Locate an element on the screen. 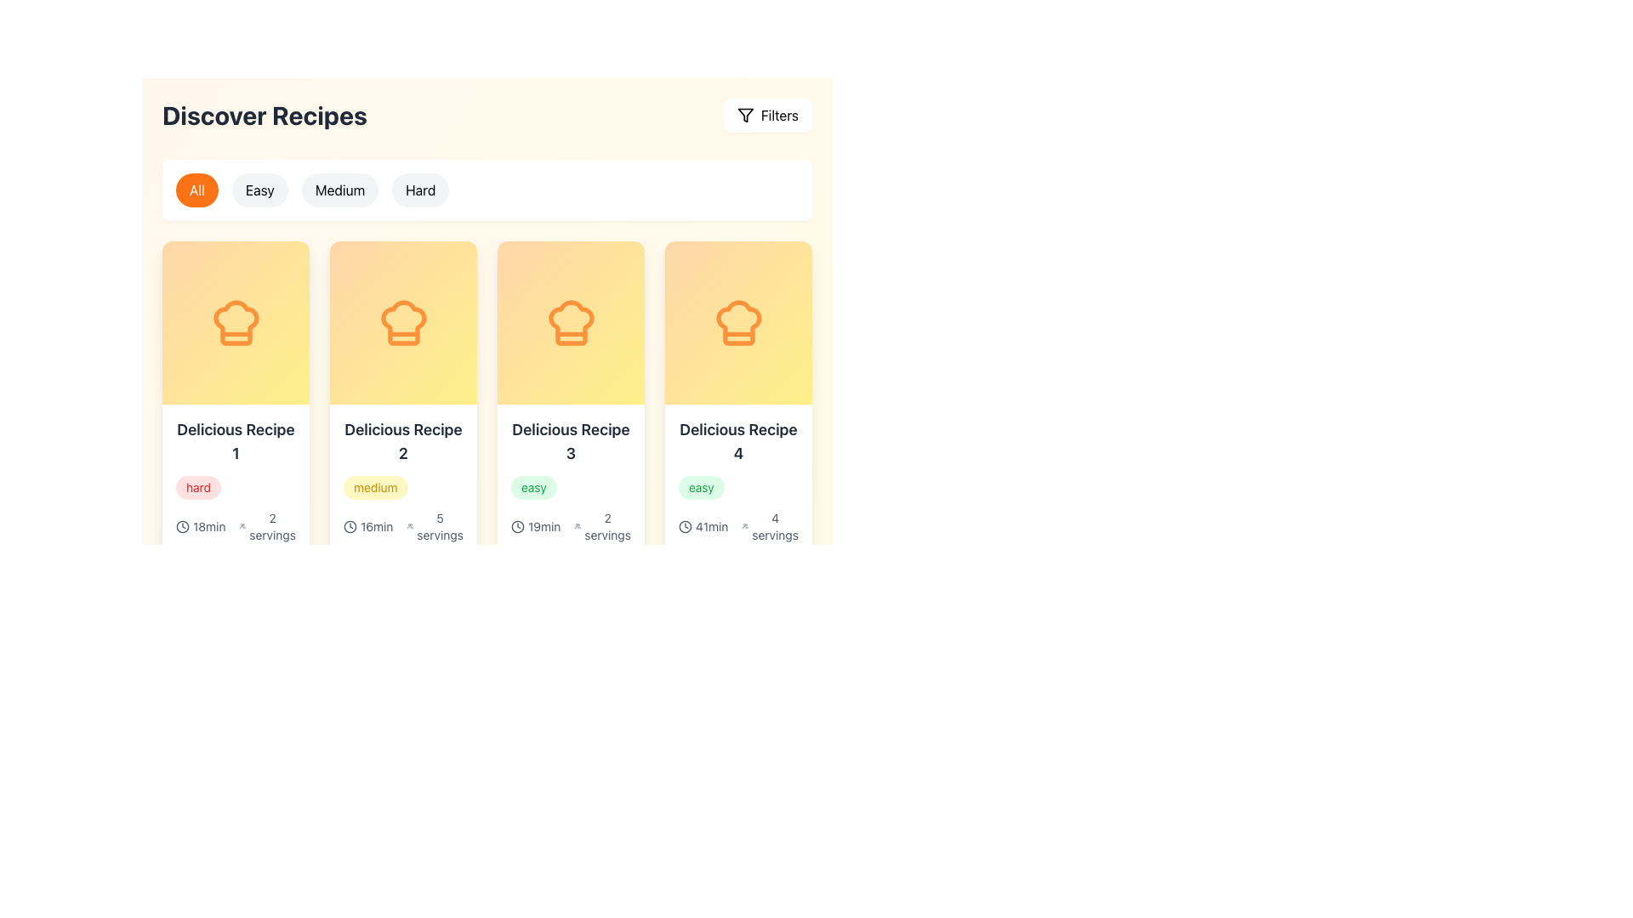  the chef hat decorative icon located at the center of the second card in a horizontal card list is located at coordinates (402, 323).